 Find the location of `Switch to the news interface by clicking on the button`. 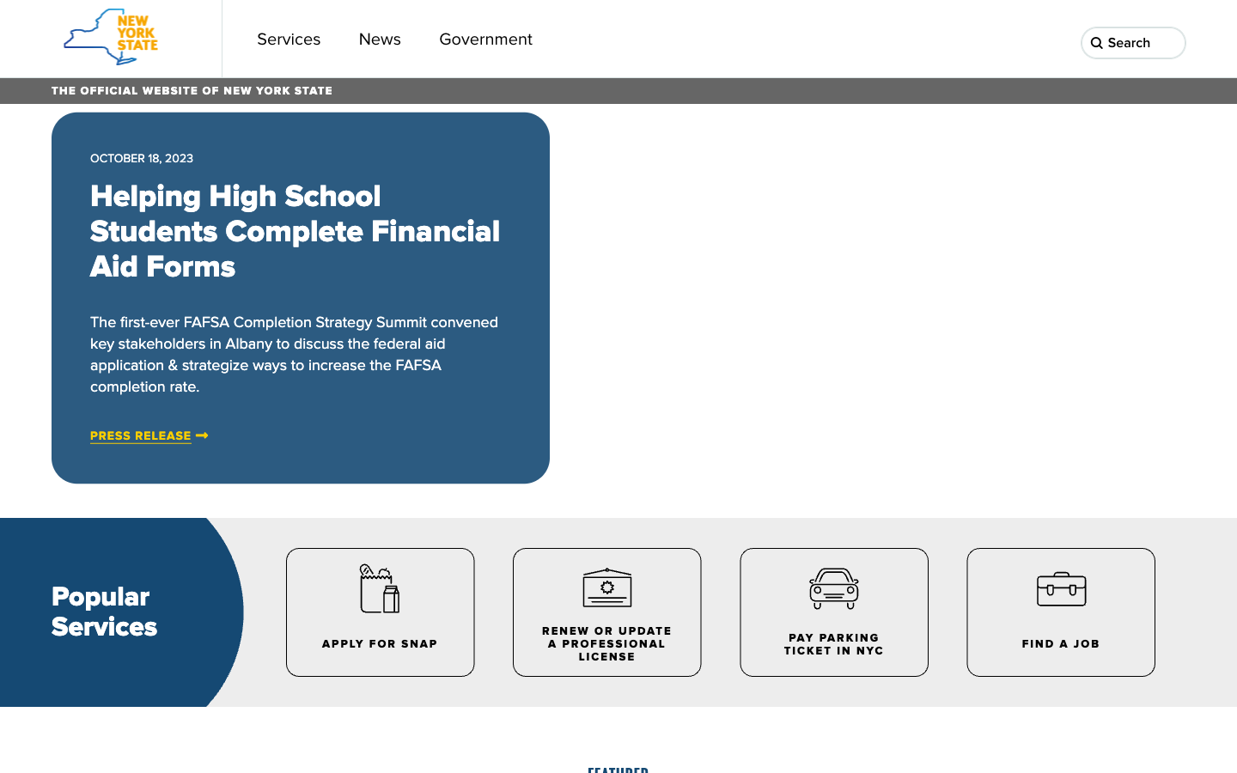

Switch to the news interface by clicking on the button is located at coordinates (380, 38).